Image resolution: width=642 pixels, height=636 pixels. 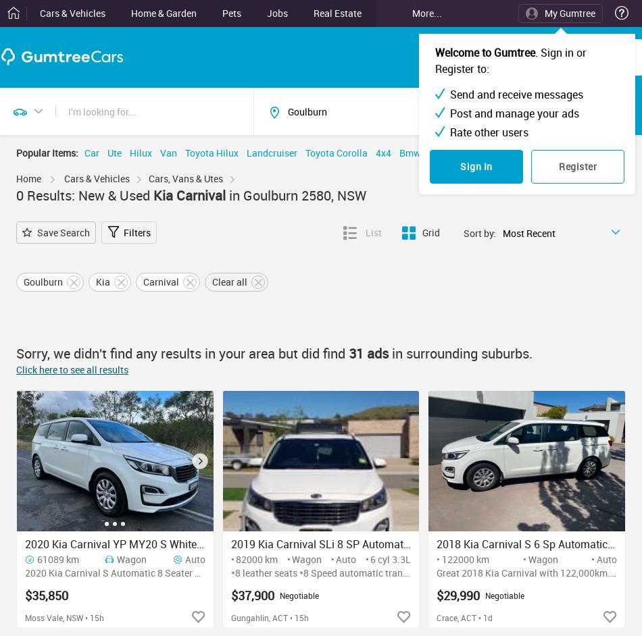 What do you see at coordinates (514, 112) in the screenshot?
I see `'Post and manage your ads'` at bounding box center [514, 112].